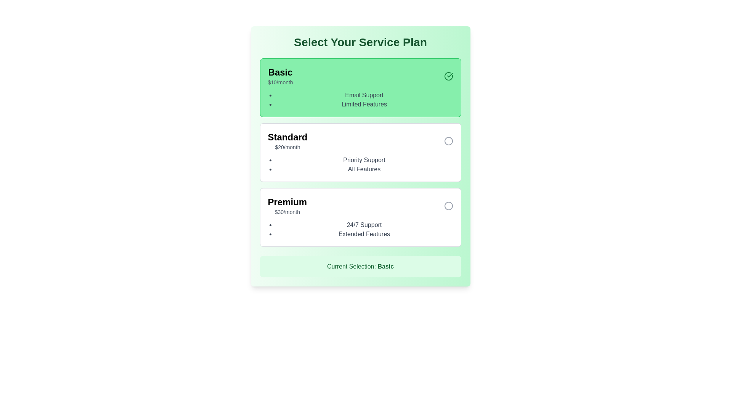  I want to click on the green checkmark icon within the circular outline located on the top-right side of the 'Basic' subscription card, so click(448, 76).